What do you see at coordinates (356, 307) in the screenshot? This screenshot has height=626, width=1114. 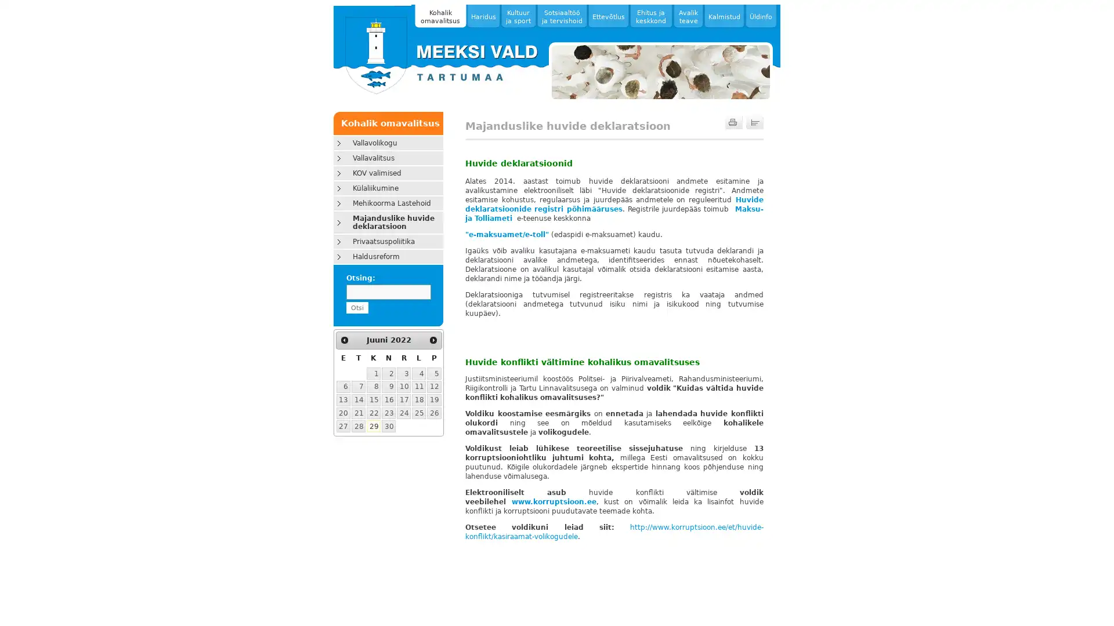 I see `Otsi` at bounding box center [356, 307].